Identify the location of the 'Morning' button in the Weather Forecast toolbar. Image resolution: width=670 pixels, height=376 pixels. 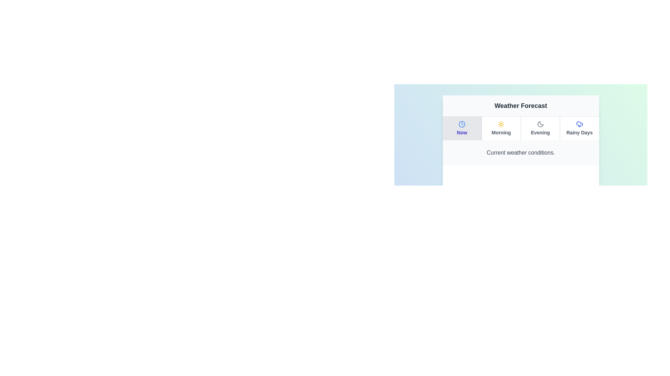
(501, 128).